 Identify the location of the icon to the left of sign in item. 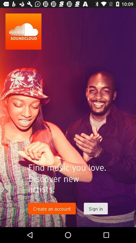
(52, 209).